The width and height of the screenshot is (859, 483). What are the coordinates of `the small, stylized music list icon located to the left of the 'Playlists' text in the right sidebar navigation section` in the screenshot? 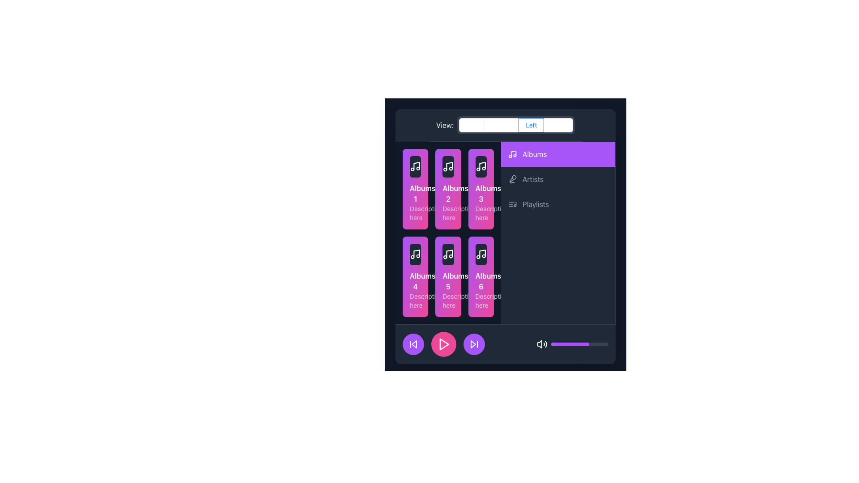 It's located at (513, 204).